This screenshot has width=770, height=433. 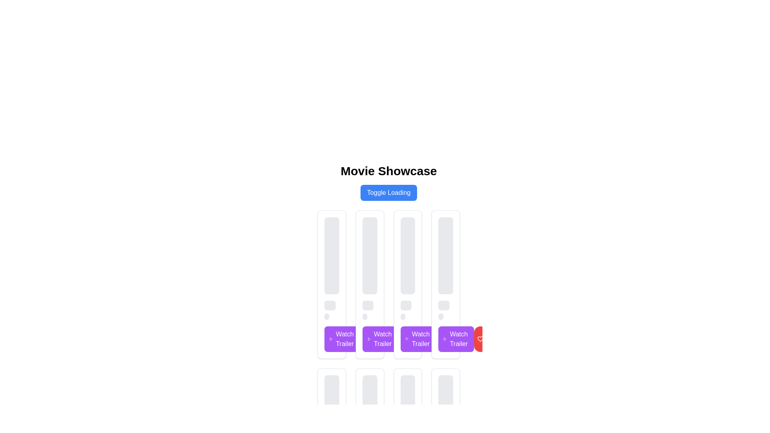 I want to click on the fourth button from the left, which has a purple background and white text reading 'Watch Trailer.', so click(x=450, y=339).